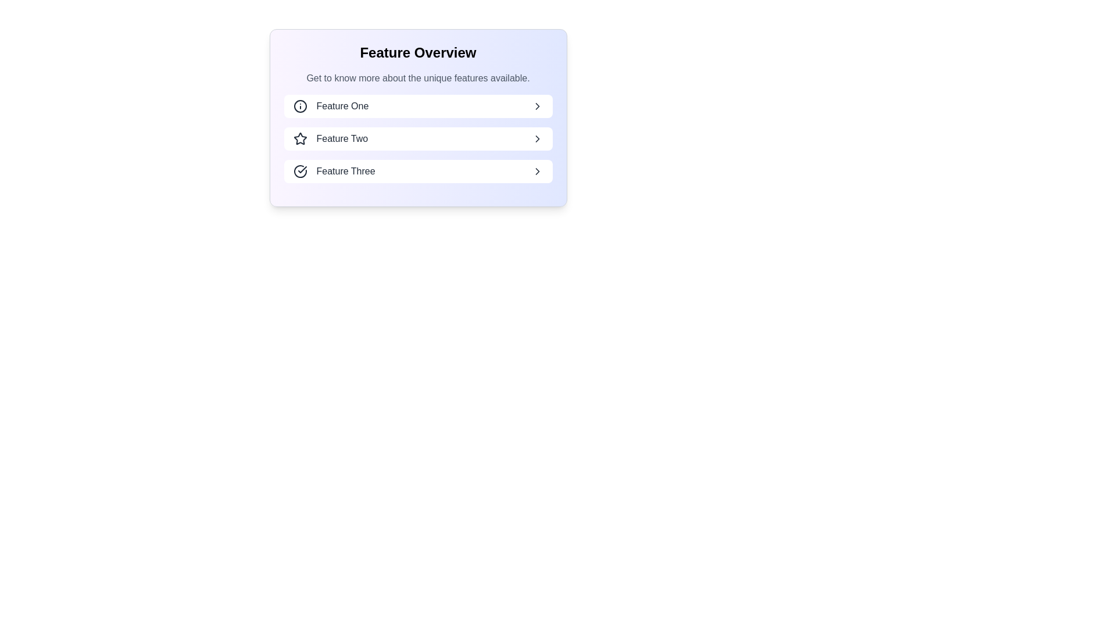 The height and width of the screenshot is (628, 1116). Describe the element at coordinates (536, 106) in the screenshot. I see `the chevron icon on the far right of the 'Feature One' section` at that location.